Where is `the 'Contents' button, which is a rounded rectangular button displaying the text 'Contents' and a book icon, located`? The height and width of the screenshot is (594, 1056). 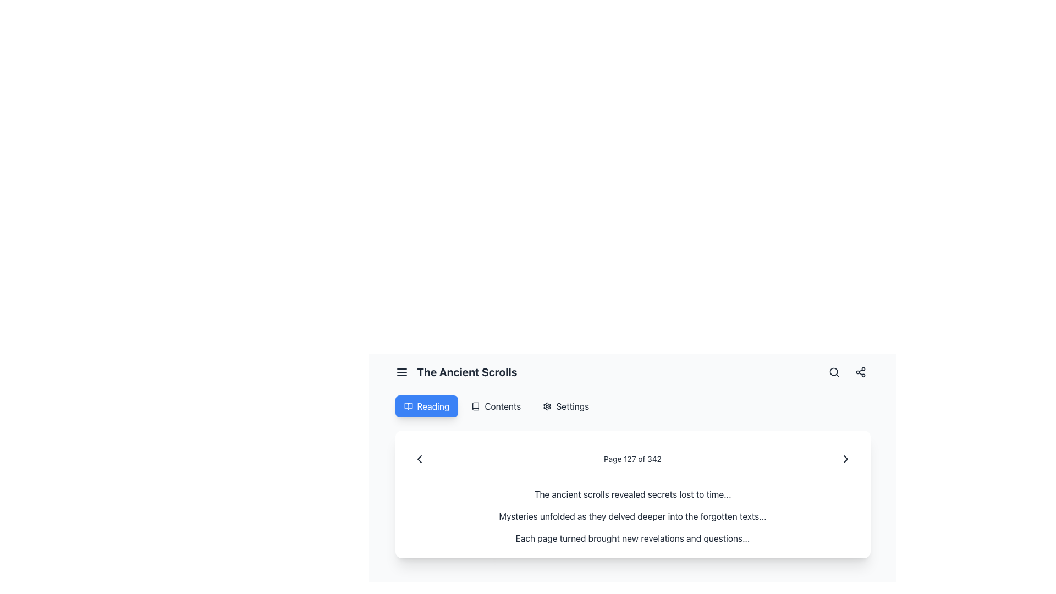
the 'Contents' button, which is a rounded rectangular button displaying the text 'Contents' and a book icon, located is located at coordinates (496, 406).